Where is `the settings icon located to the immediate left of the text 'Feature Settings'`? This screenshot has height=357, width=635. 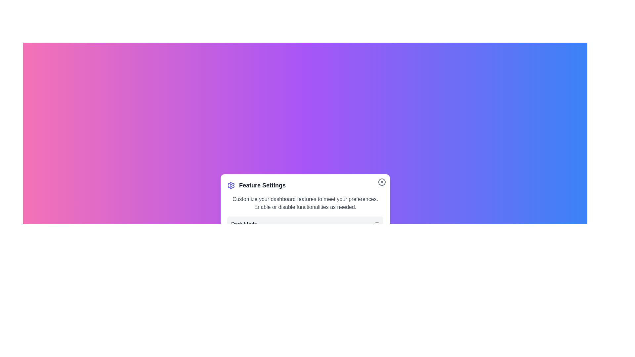
the settings icon located to the immediate left of the text 'Feature Settings' is located at coordinates (231, 185).